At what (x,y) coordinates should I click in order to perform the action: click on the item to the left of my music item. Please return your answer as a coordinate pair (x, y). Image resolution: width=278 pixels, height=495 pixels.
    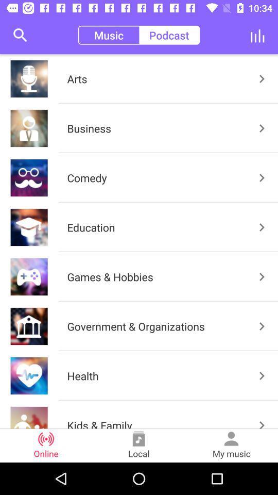
    Looking at the image, I should click on (139, 445).